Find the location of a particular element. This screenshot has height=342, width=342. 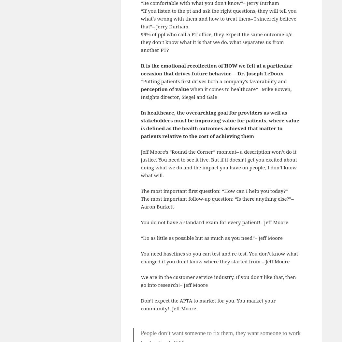

'You need baselines so you can test and re-test. You don’t know what changed if you don’t know where they started from.– Jeff Moore' is located at coordinates (219, 256).